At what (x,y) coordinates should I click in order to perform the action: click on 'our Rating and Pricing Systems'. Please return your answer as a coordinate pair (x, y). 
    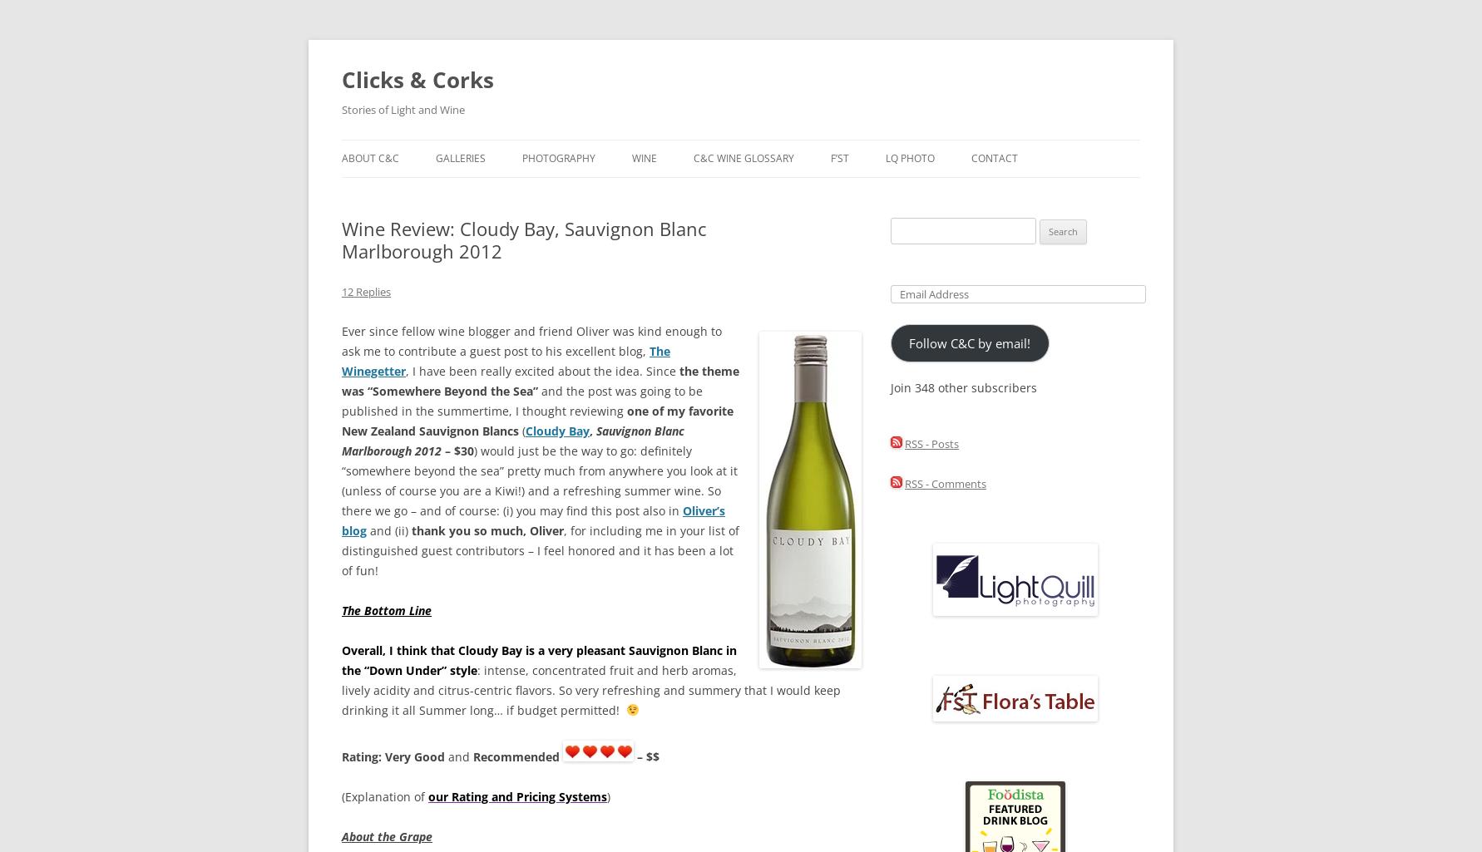
    Looking at the image, I should click on (517, 796).